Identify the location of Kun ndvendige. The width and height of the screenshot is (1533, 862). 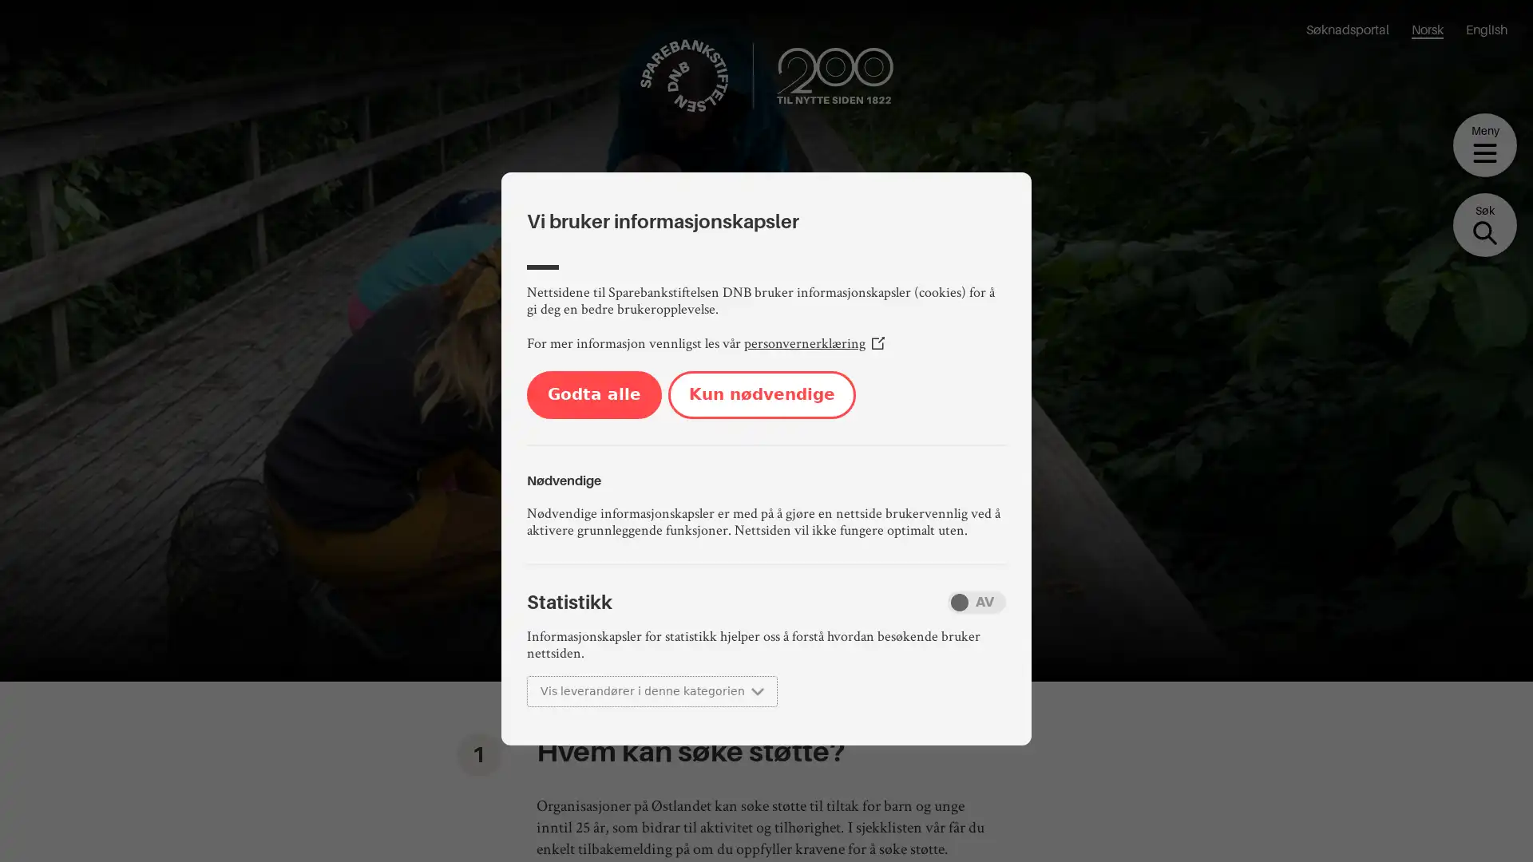
(761, 394).